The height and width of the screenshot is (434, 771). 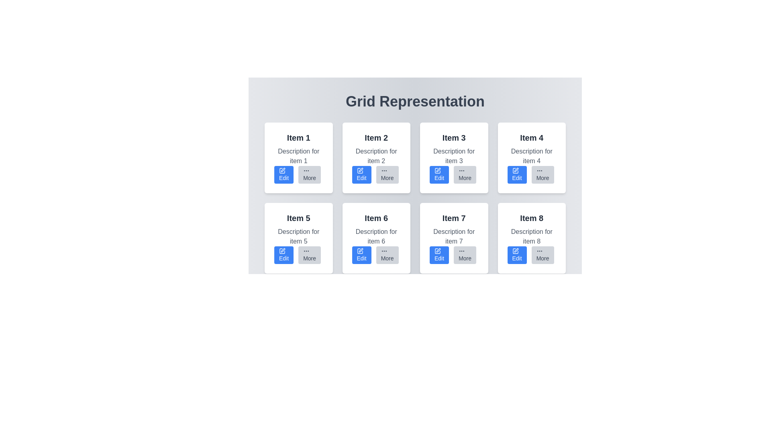 I want to click on the descriptive text label located in the first item card, positioned below the title 'Item 1' and above the 'Edit' and 'More' buttons, so click(x=298, y=156).